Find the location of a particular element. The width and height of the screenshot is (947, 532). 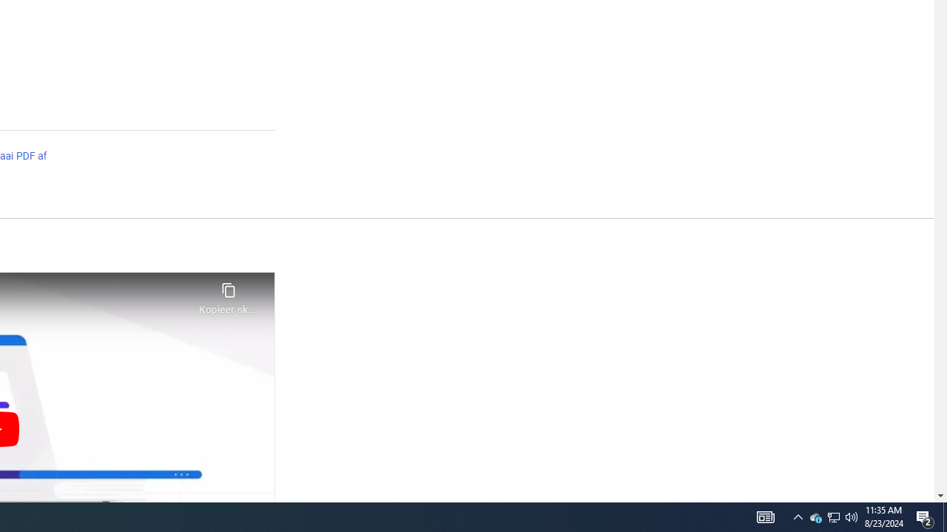

'Kopieer skakel' is located at coordinates (228, 294).